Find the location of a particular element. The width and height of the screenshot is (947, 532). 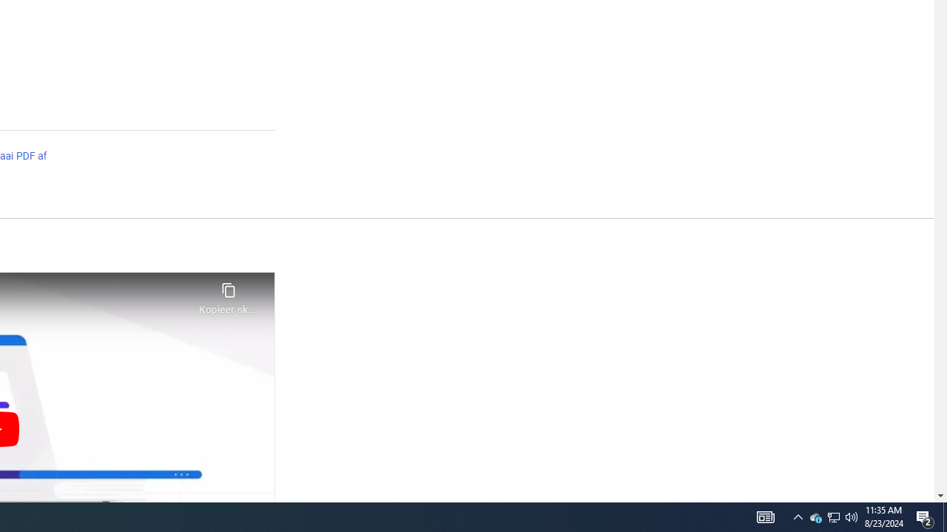

'Kopieer skakel' is located at coordinates (228, 294).